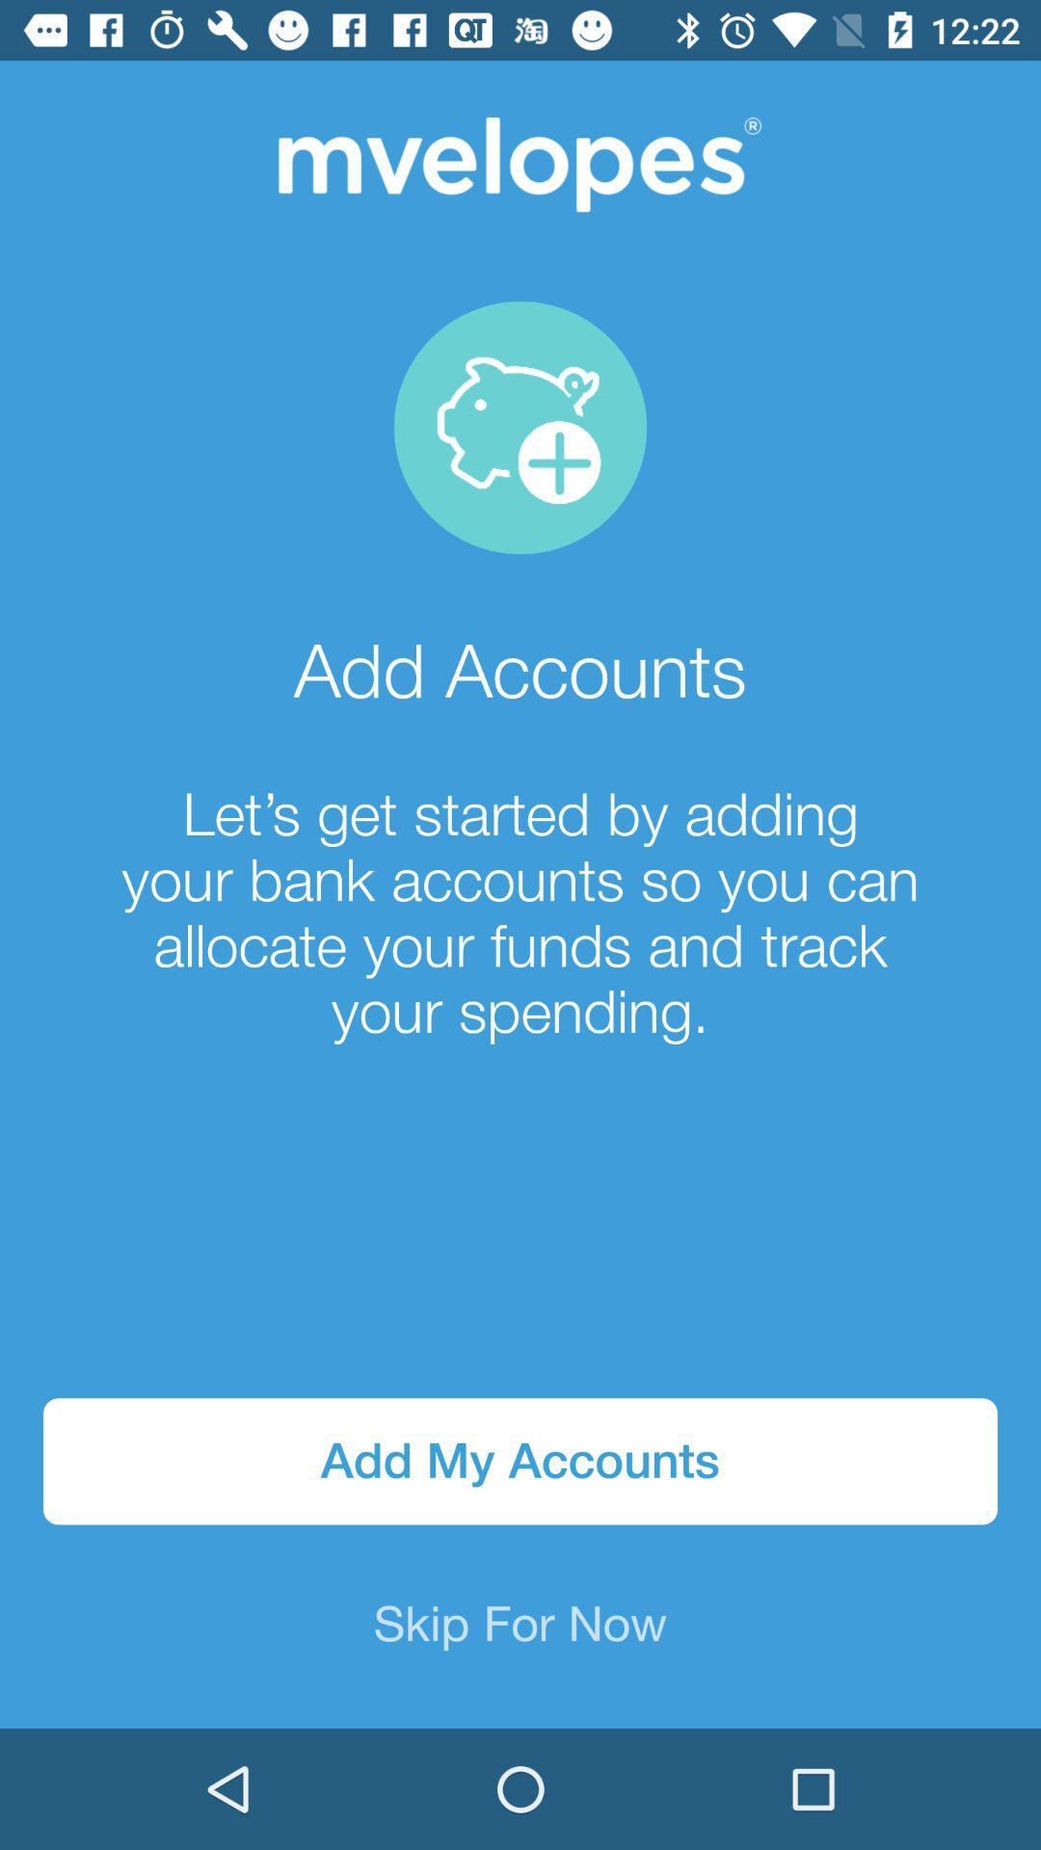 This screenshot has height=1850, width=1041. Describe the element at coordinates (520, 1625) in the screenshot. I see `the skip for now item` at that location.